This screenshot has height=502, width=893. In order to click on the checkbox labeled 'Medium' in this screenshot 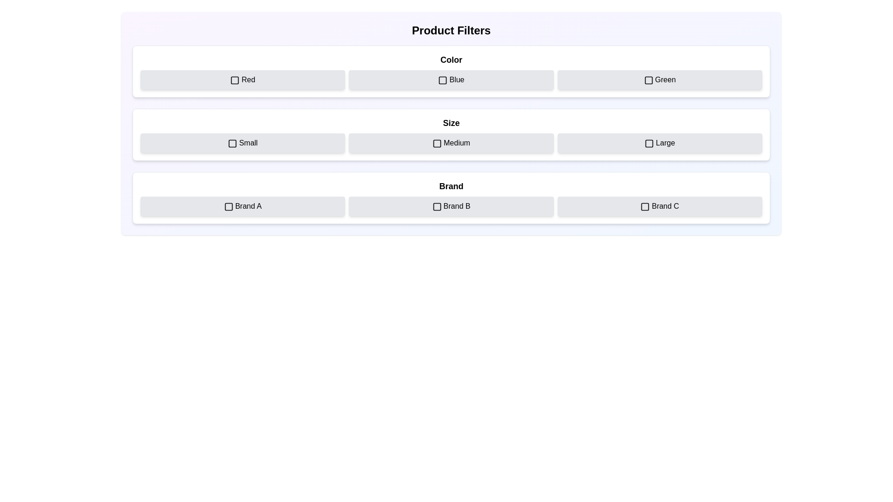, I will do `click(451, 143)`.